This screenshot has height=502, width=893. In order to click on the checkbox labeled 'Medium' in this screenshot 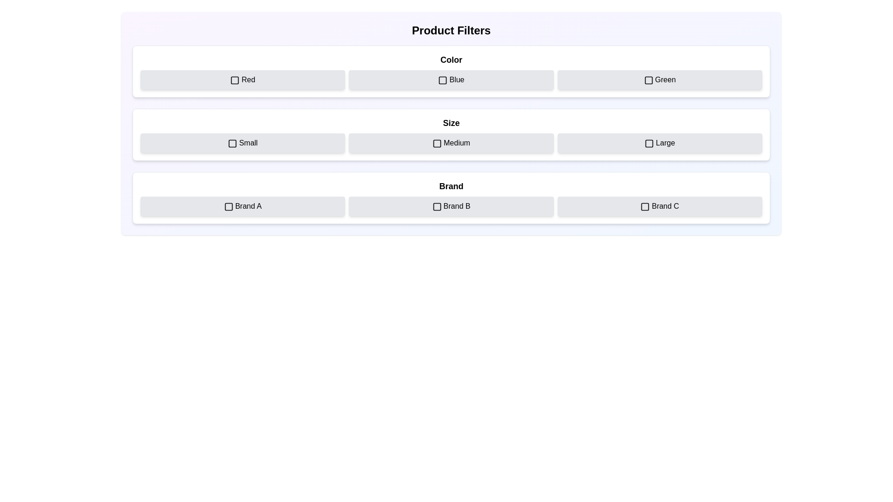, I will do `click(451, 143)`.